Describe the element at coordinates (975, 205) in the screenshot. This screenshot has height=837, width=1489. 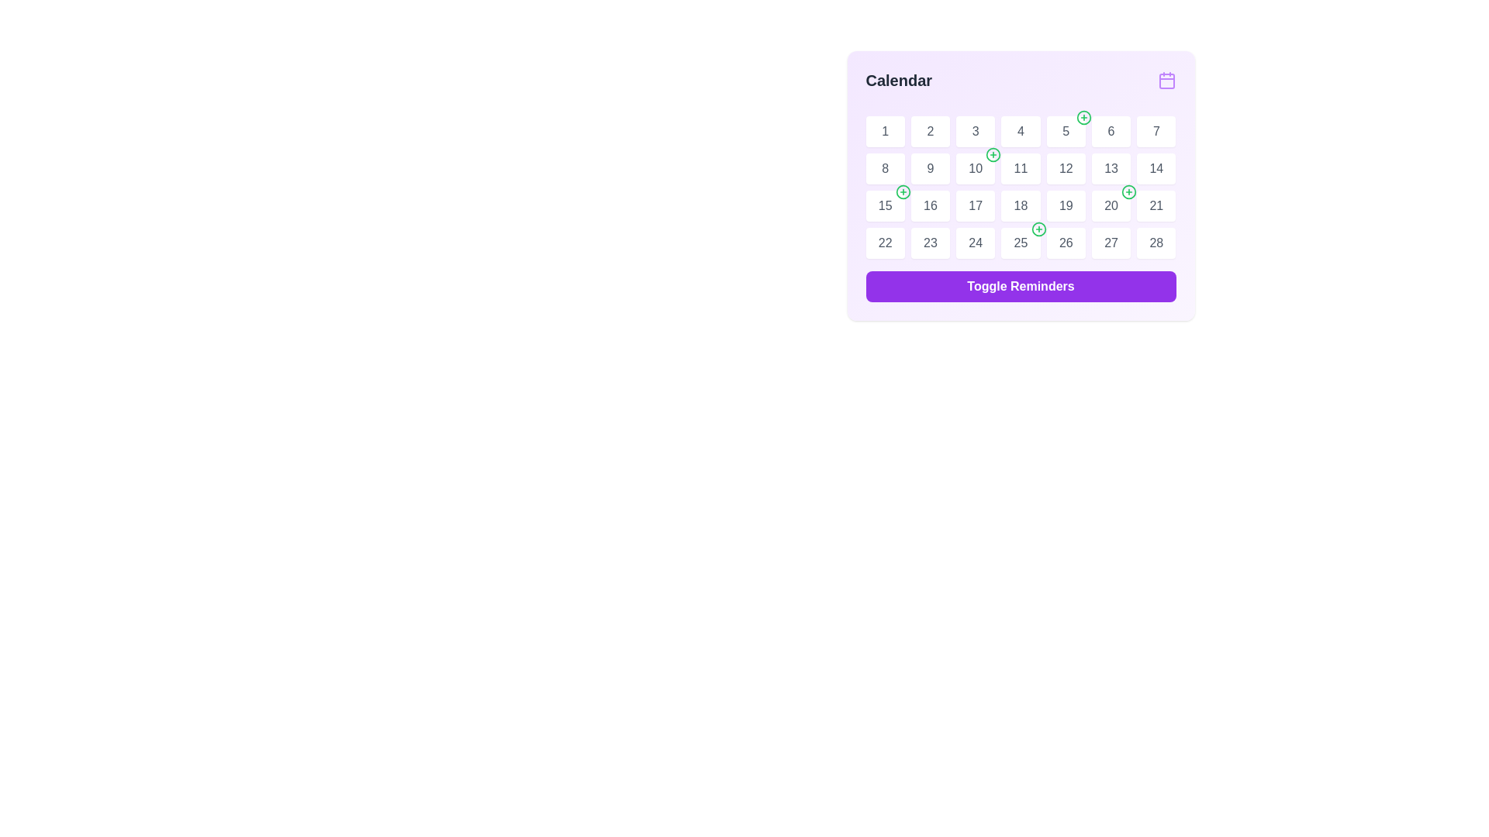
I see `the Calendar grid day cell element displaying '17'` at that location.